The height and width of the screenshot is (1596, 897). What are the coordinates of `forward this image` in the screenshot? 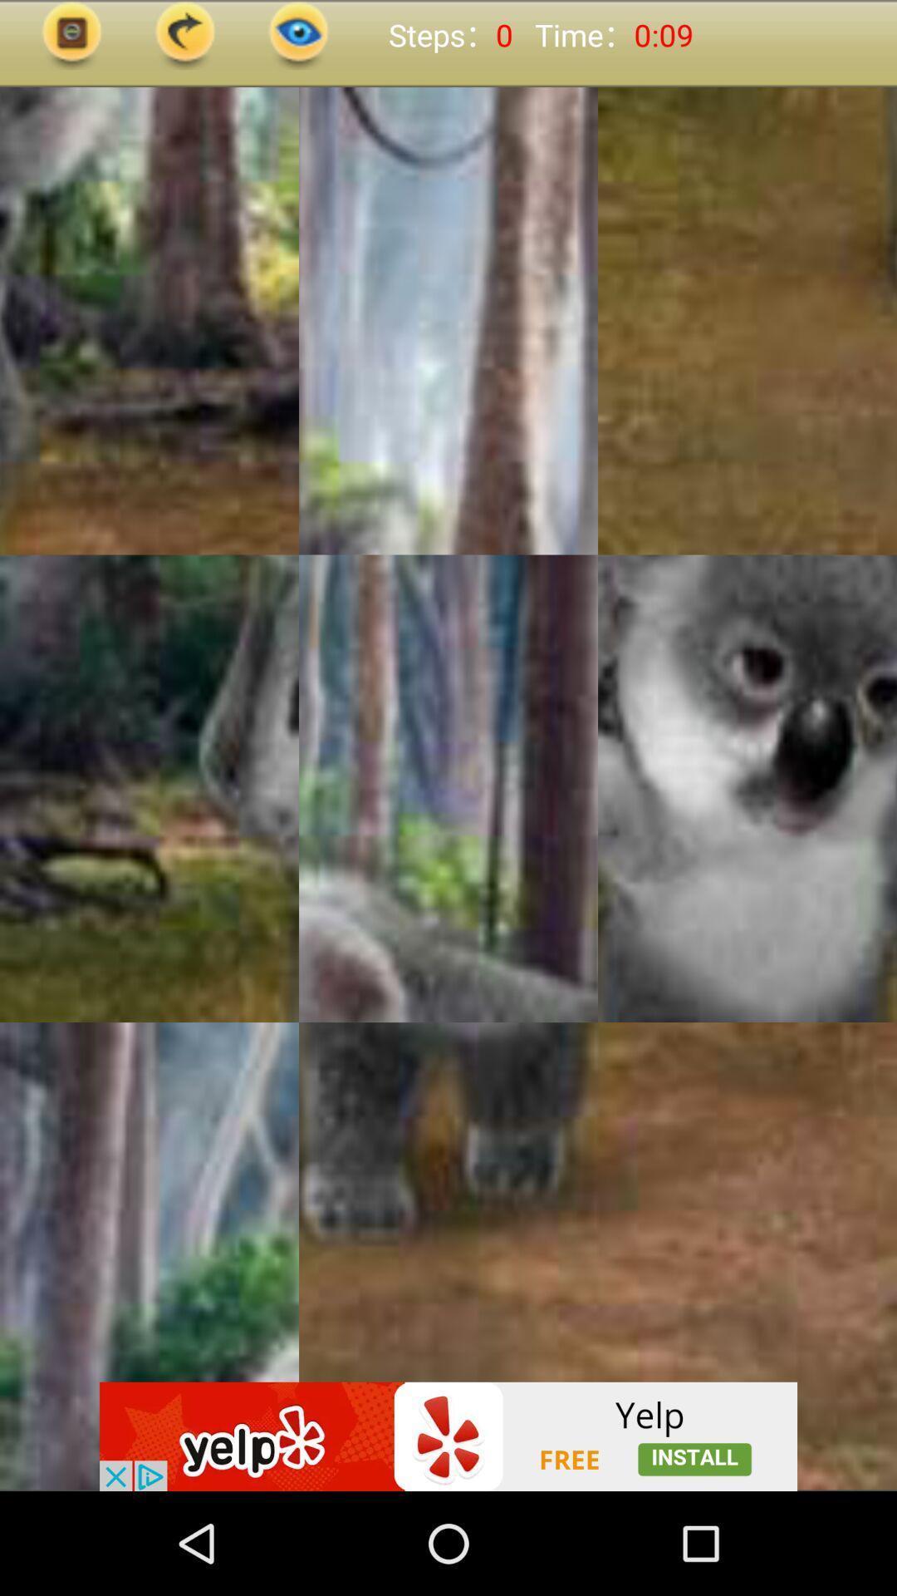 It's located at (185, 35).